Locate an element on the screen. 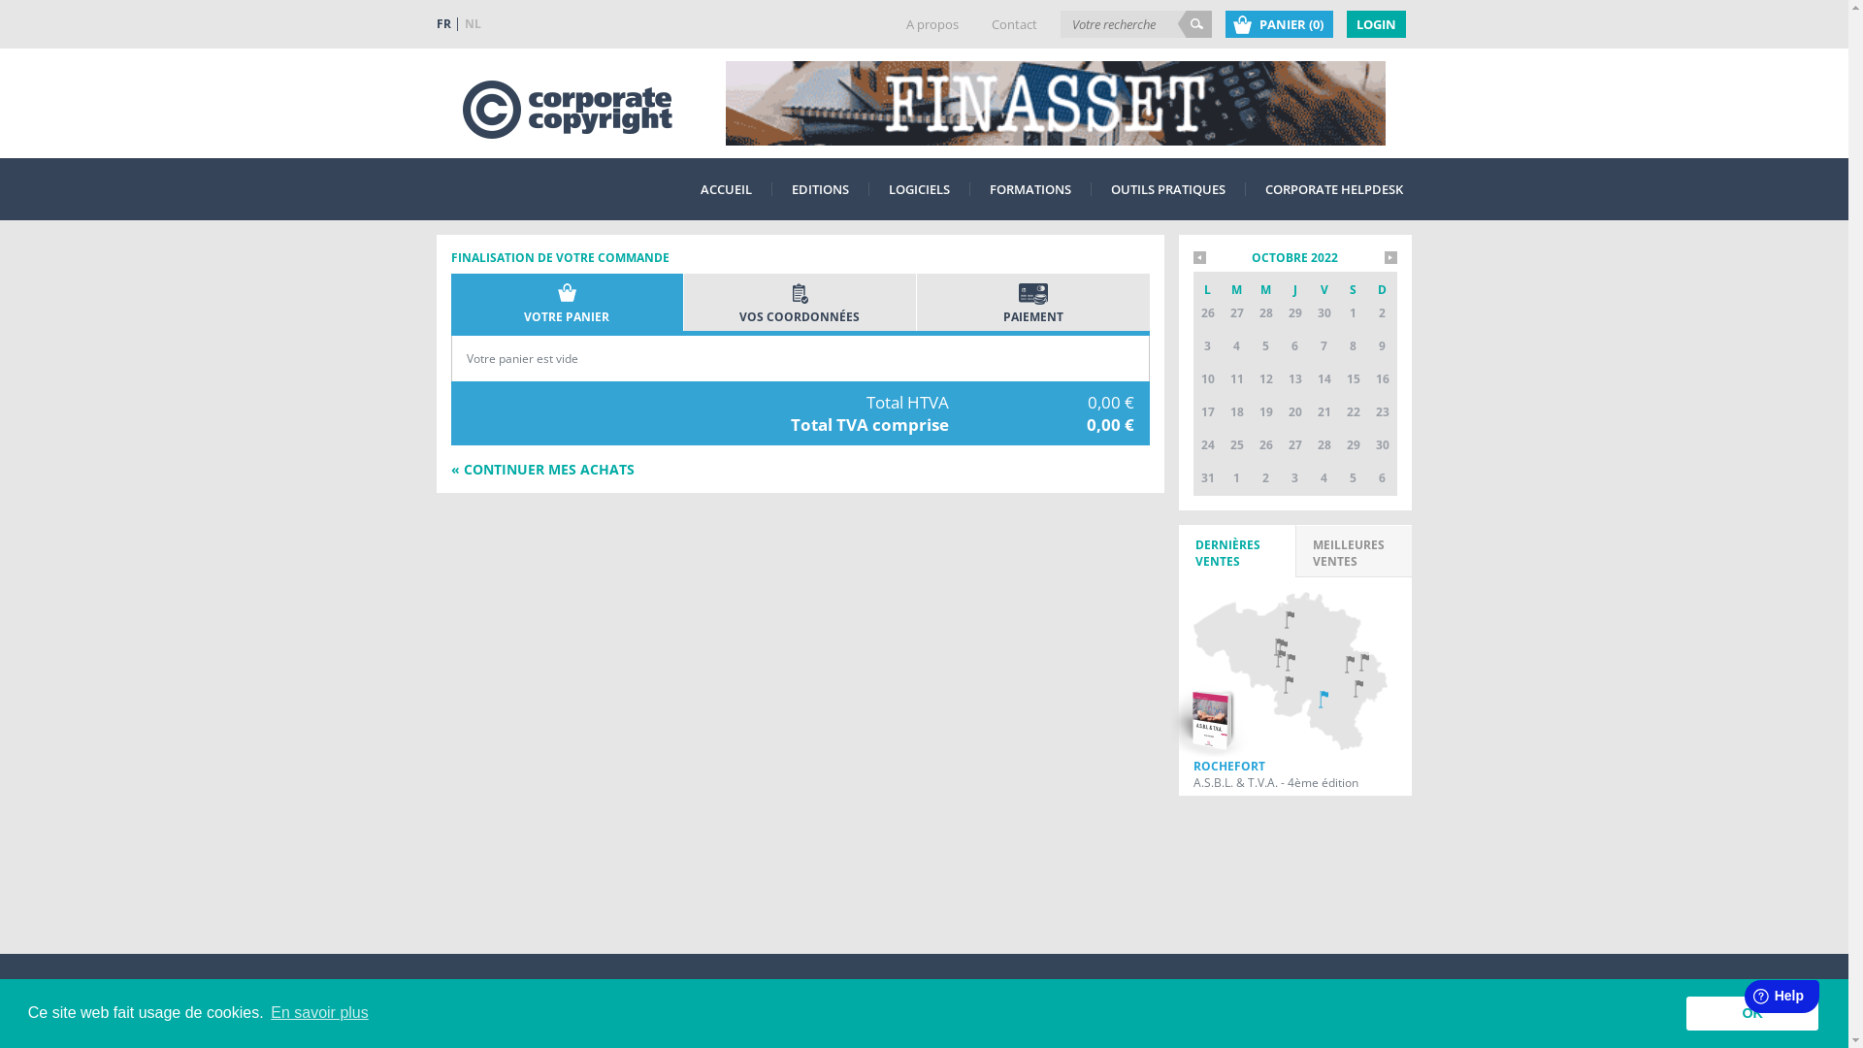 Image resolution: width=1863 pixels, height=1048 pixels. 'FR' is located at coordinates (445, 23).